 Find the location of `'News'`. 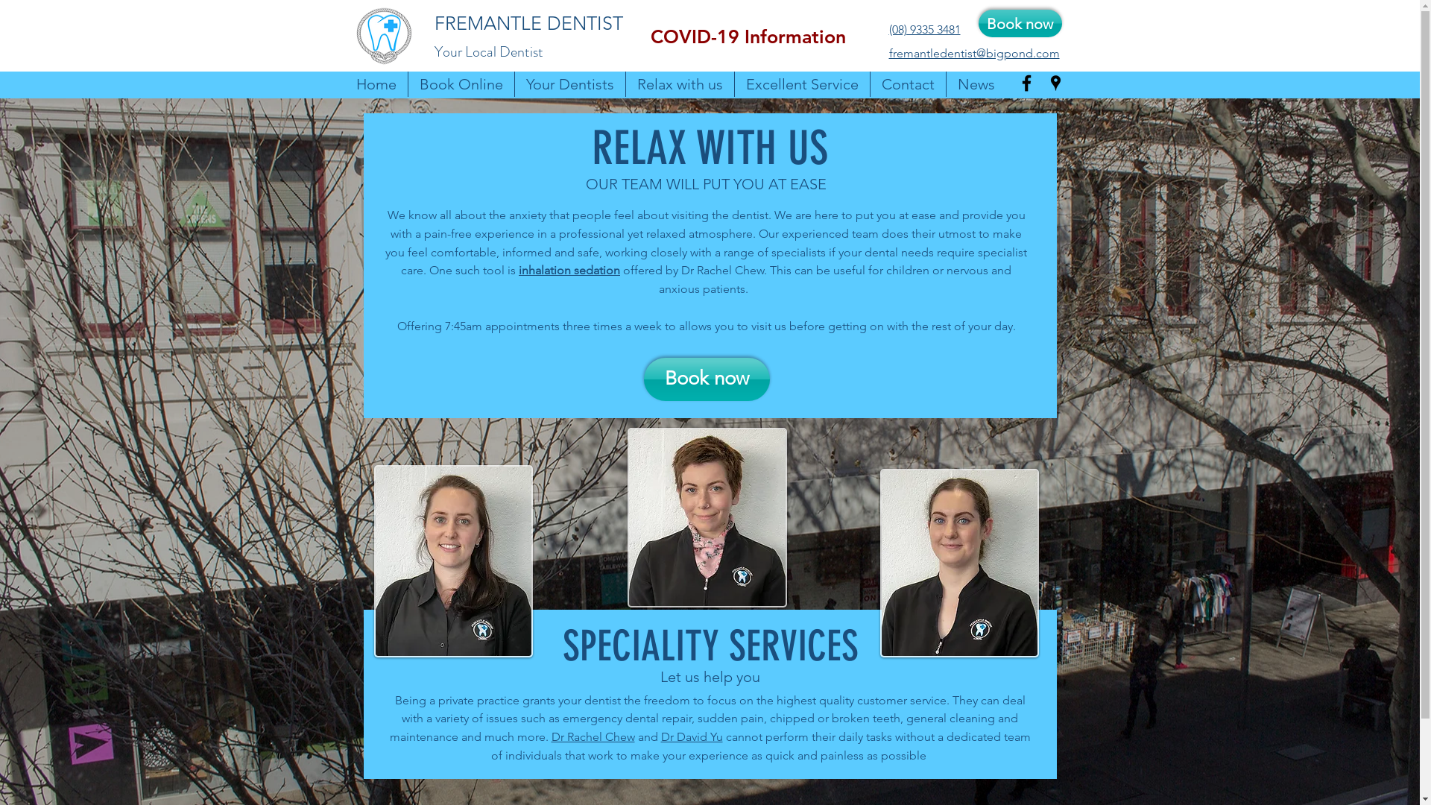

'News' is located at coordinates (976, 83).